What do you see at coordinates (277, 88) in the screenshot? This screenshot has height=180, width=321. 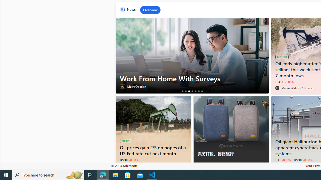 I see `'MarketWatch'` at bounding box center [277, 88].